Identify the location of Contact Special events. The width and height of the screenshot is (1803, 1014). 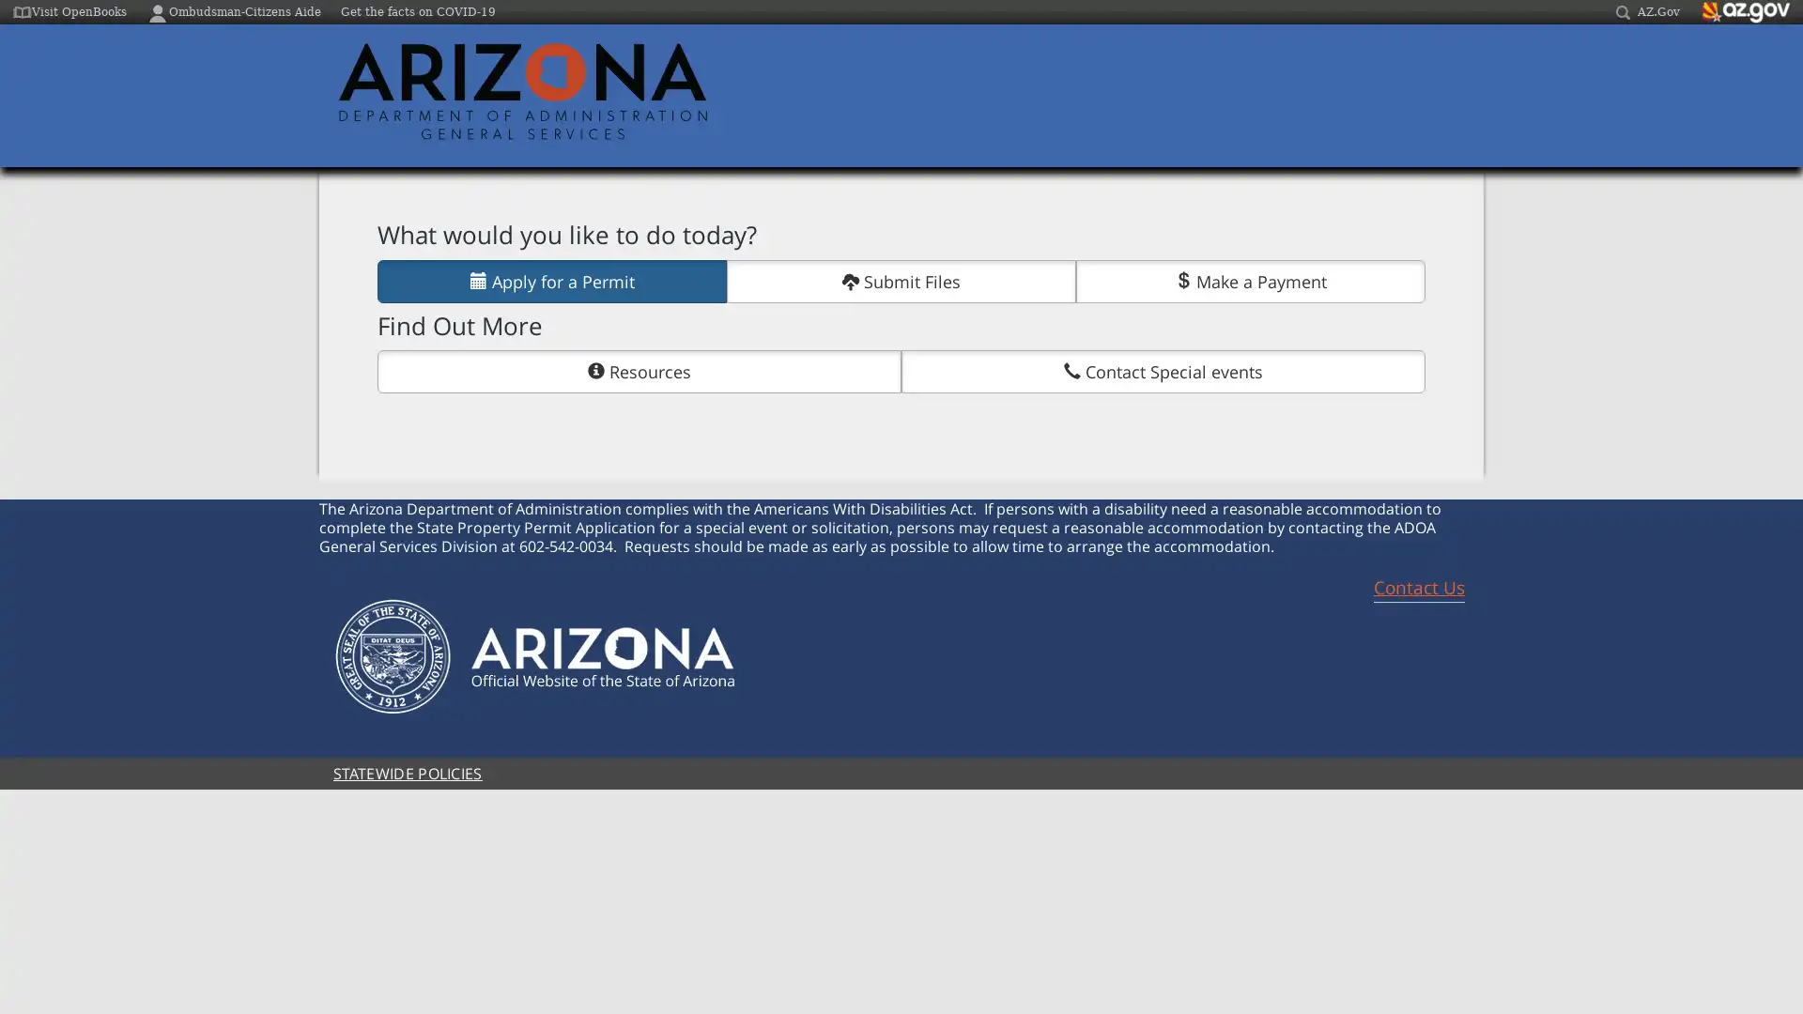
(1162, 372).